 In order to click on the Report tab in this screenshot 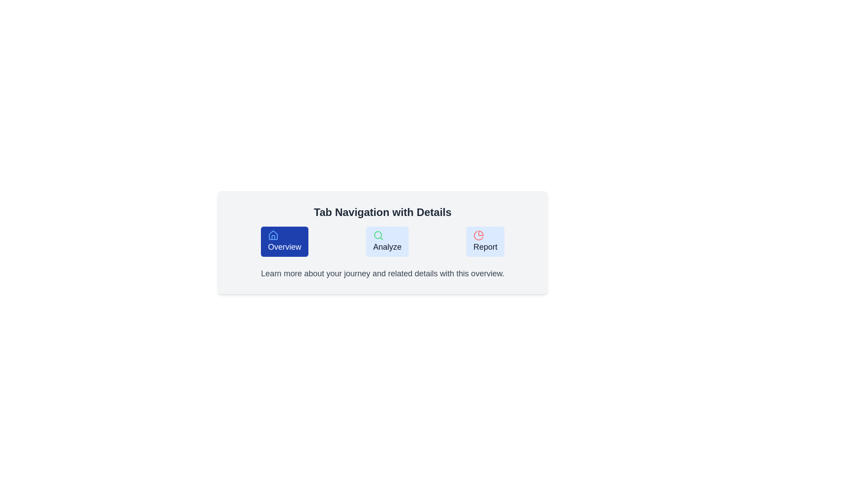, I will do `click(485, 241)`.